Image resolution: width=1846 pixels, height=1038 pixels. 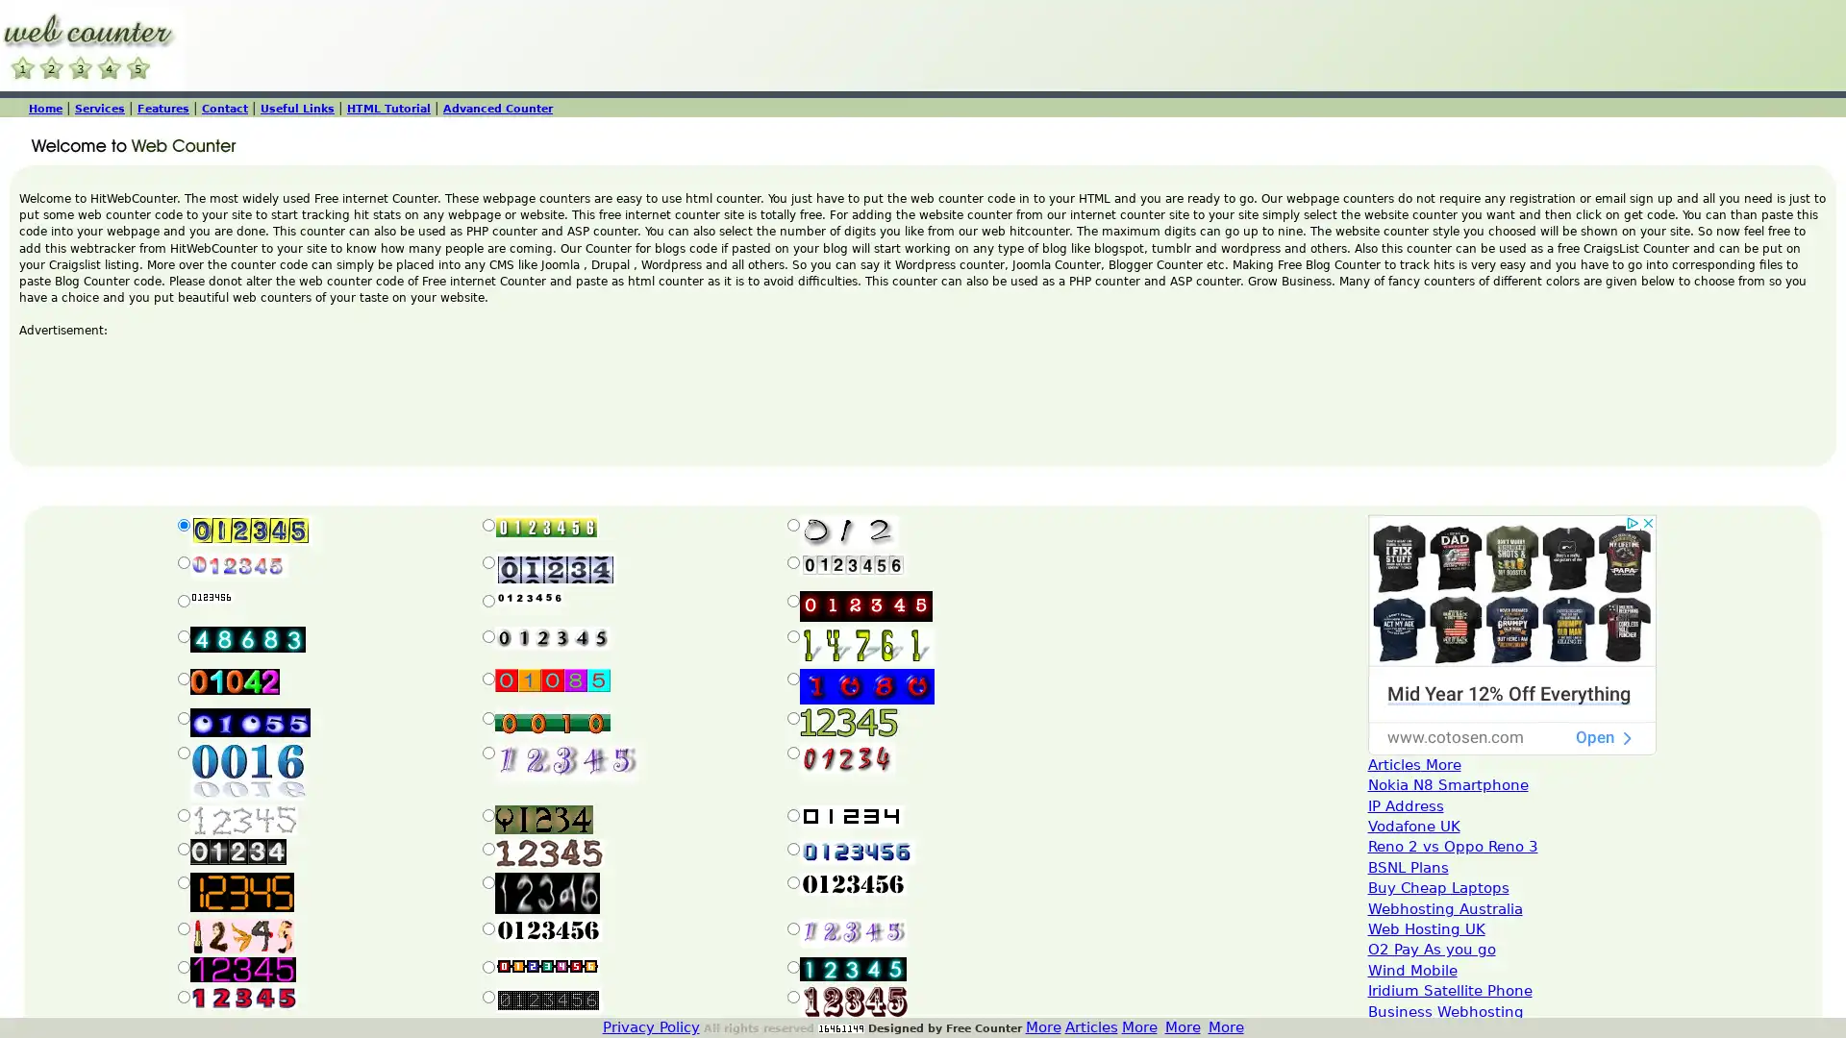 What do you see at coordinates (852, 1001) in the screenshot?
I see `Submit` at bounding box center [852, 1001].